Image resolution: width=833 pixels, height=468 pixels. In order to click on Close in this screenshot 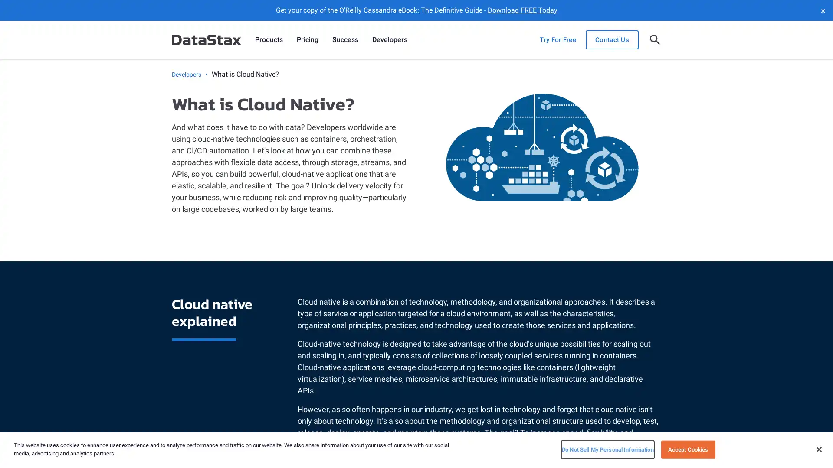, I will do `click(818, 448)`.